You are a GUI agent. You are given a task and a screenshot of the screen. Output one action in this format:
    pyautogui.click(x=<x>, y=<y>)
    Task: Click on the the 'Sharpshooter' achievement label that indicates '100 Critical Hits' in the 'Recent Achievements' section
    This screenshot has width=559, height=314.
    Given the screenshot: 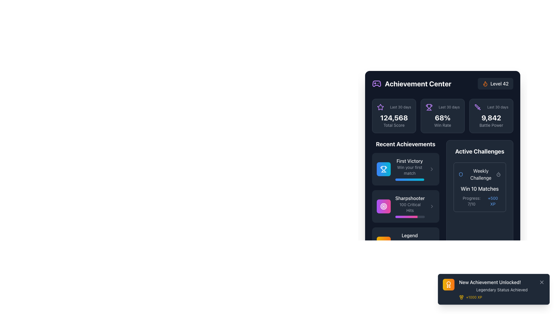 What is the action you would take?
    pyautogui.click(x=410, y=206)
    